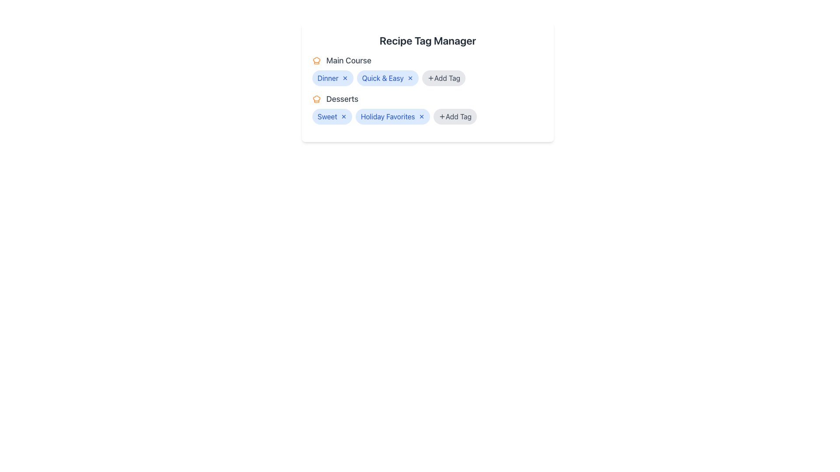  What do you see at coordinates (387, 77) in the screenshot?
I see `the 'Quick & Easy' tag label, which has a rounded light blue background and blue text, located in the 'Recipe Tag Manager' section under 'Main Course'. It is the second tag from the left, positioned between 'Dinner' and the 'Remove' button` at bounding box center [387, 77].